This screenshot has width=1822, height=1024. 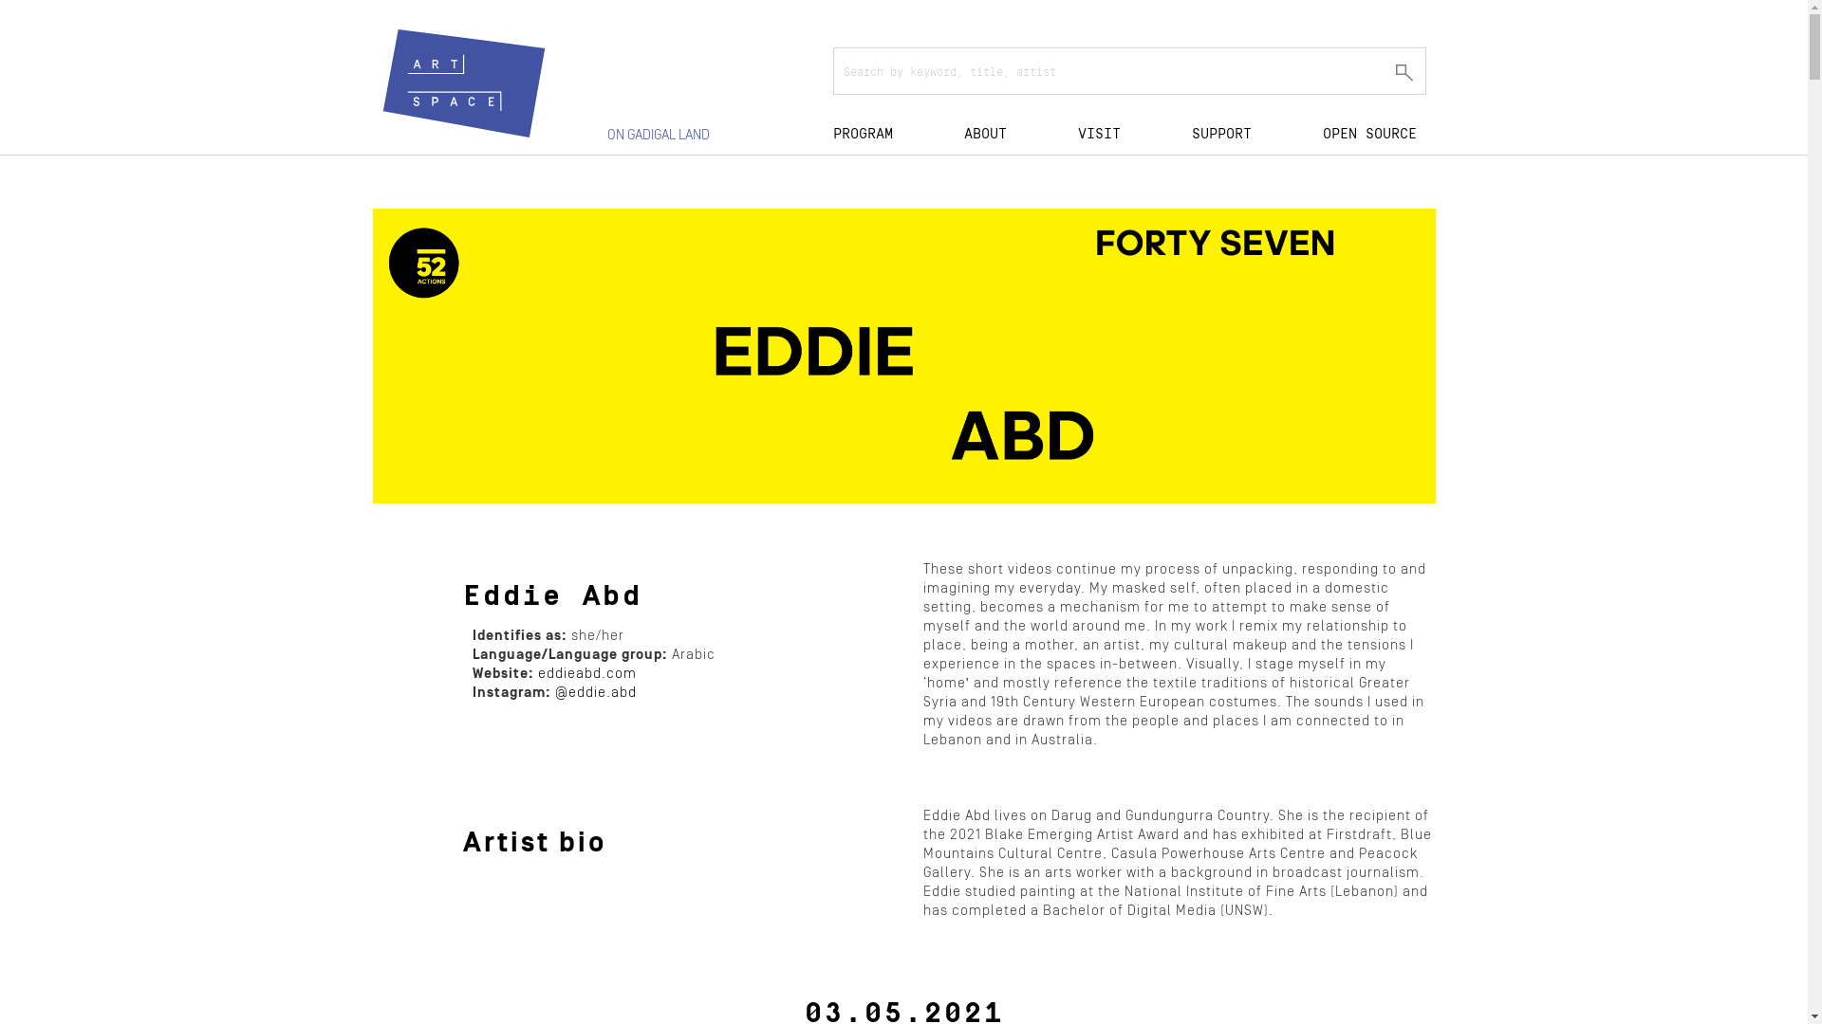 I want to click on 'VISIT', so click(x=1078, y=131).